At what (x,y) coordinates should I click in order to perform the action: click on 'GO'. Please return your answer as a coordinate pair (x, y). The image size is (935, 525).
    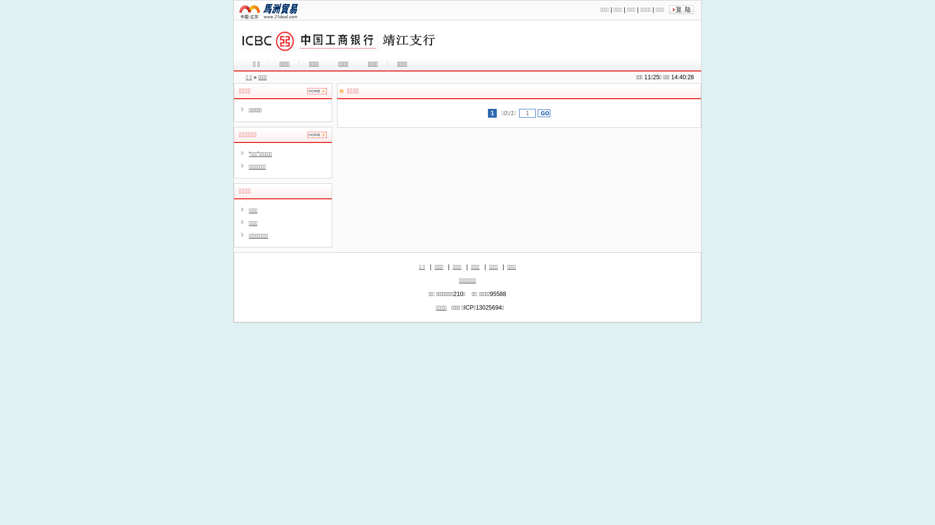
    Looking at the image, I should click on (537, 112).